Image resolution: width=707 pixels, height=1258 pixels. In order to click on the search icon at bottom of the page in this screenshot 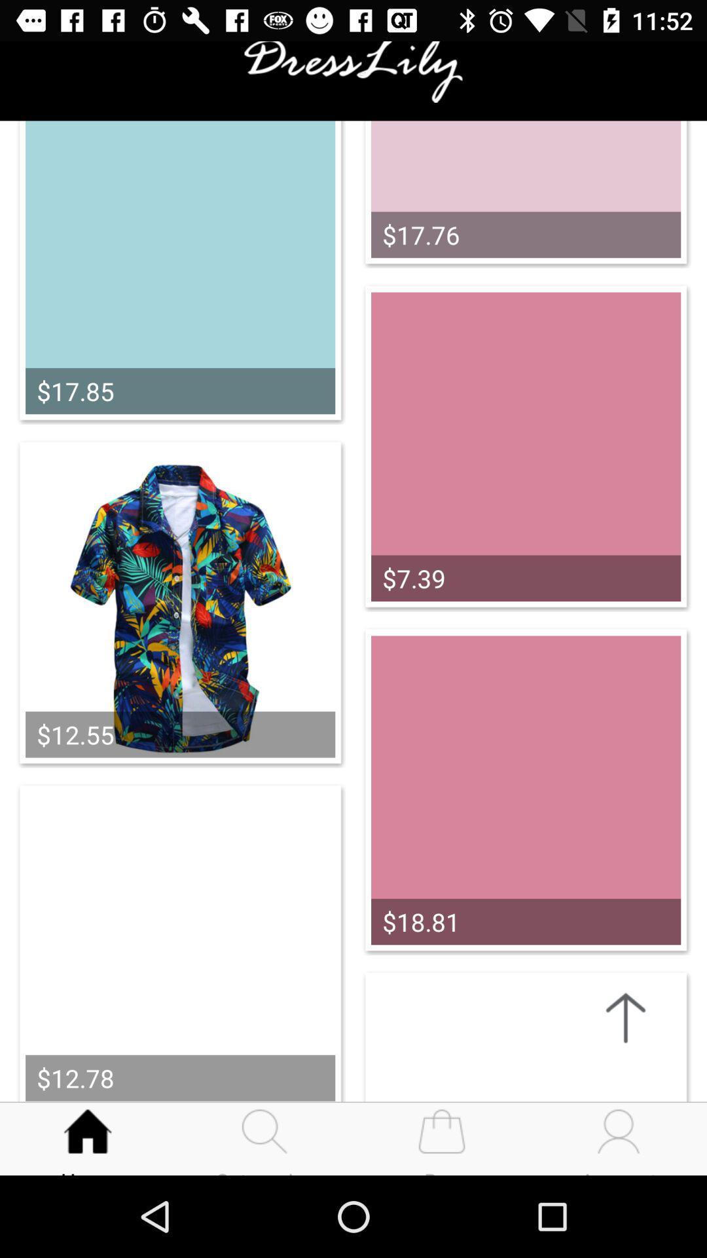, I will do `click(265, 1125)`.